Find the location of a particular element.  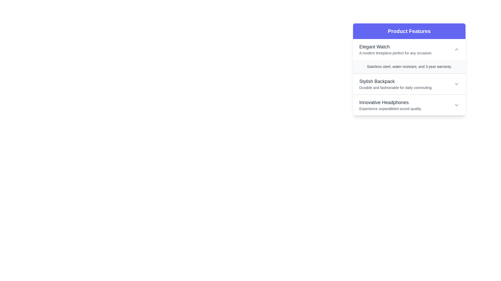

the 'Product Features' text label, which is styled with a white font on a purple background and serves as a section header above product detail items is located at coordinates (409, 31).